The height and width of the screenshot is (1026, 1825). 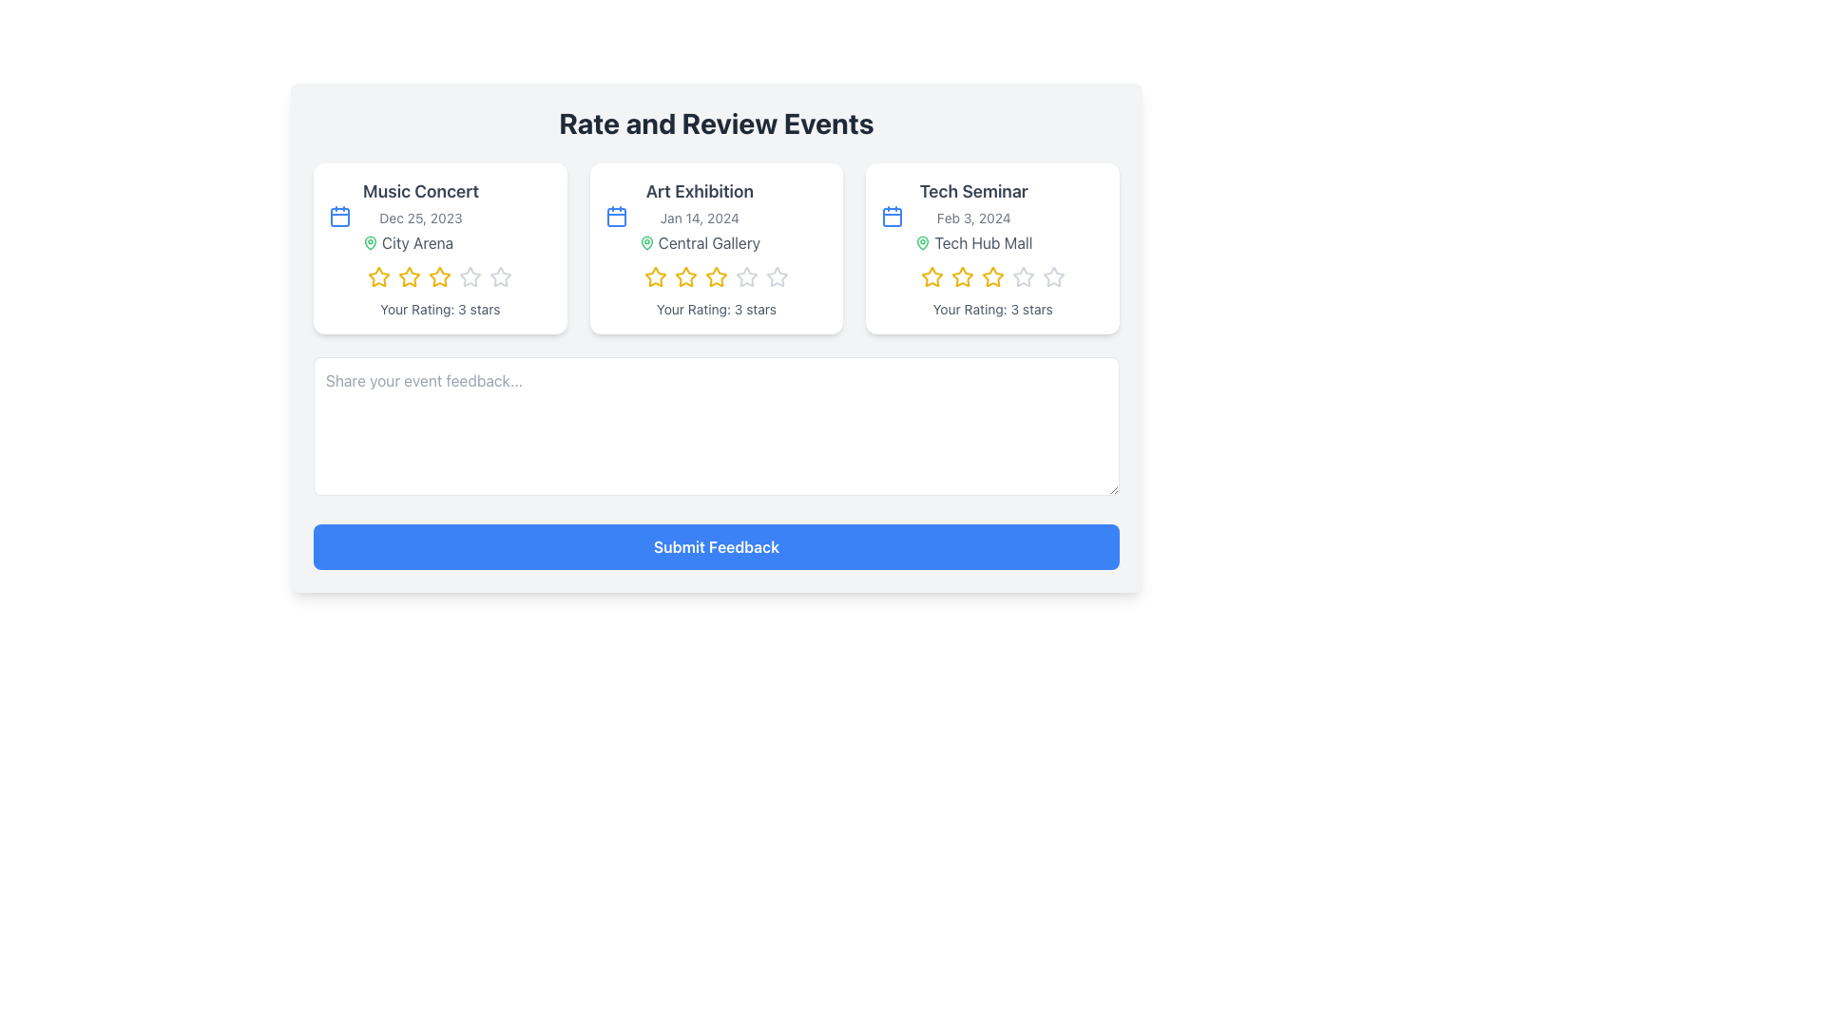 What do you see at coordinates (746, 277) in the screenshot?
I see `the fourth star` at bounding box center [746, 277].